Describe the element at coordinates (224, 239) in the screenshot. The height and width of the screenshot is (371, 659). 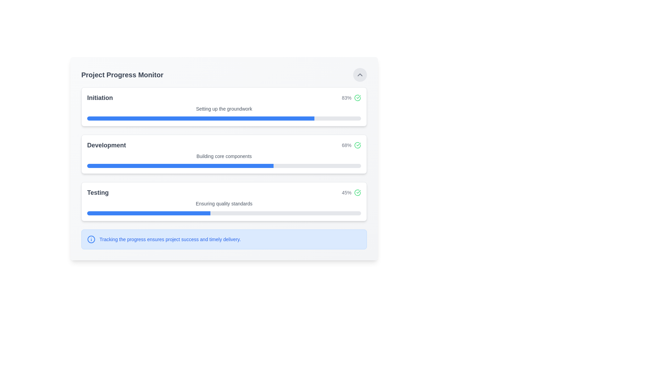
I see `the light blue Information Box containing the text 'Tracking the progress ensures project success and timely delivery.' located at the bottom of the interface` at that location.